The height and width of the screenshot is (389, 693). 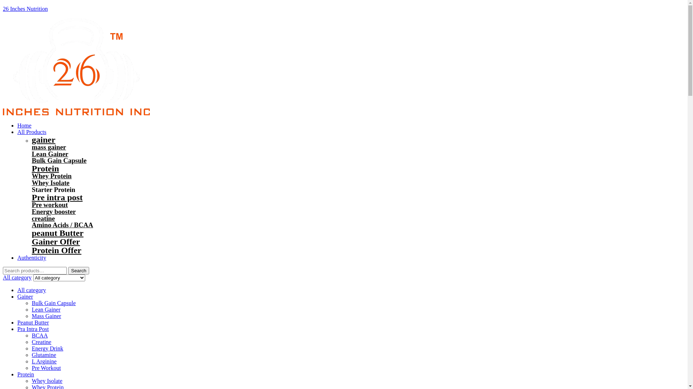 What do you see at coordinates (17, 296) in the screenshot?
I see `'Gainer'` at bounding box center [17, 296].